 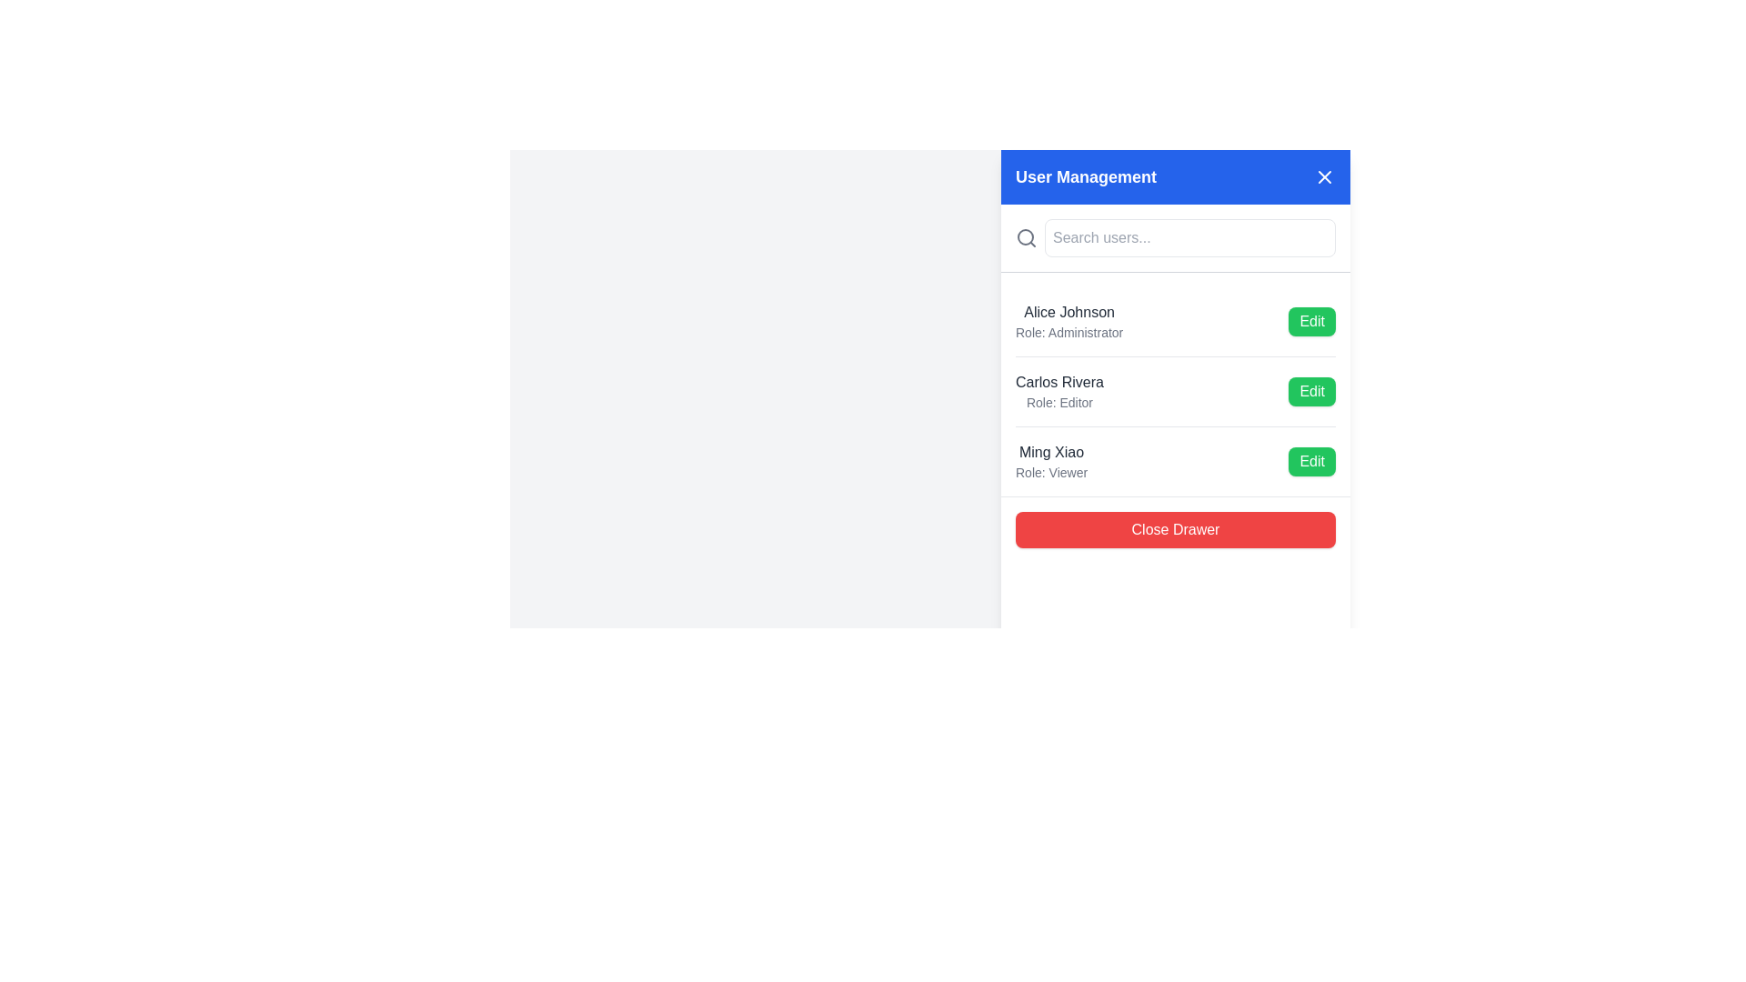 What do you see at coordinates (1051, 472) in the screenshot?
I see `the text label displaying 'Role: Viewer' located below 'Ming Xiao' in the user list section` at bounding box center [1051, 472].